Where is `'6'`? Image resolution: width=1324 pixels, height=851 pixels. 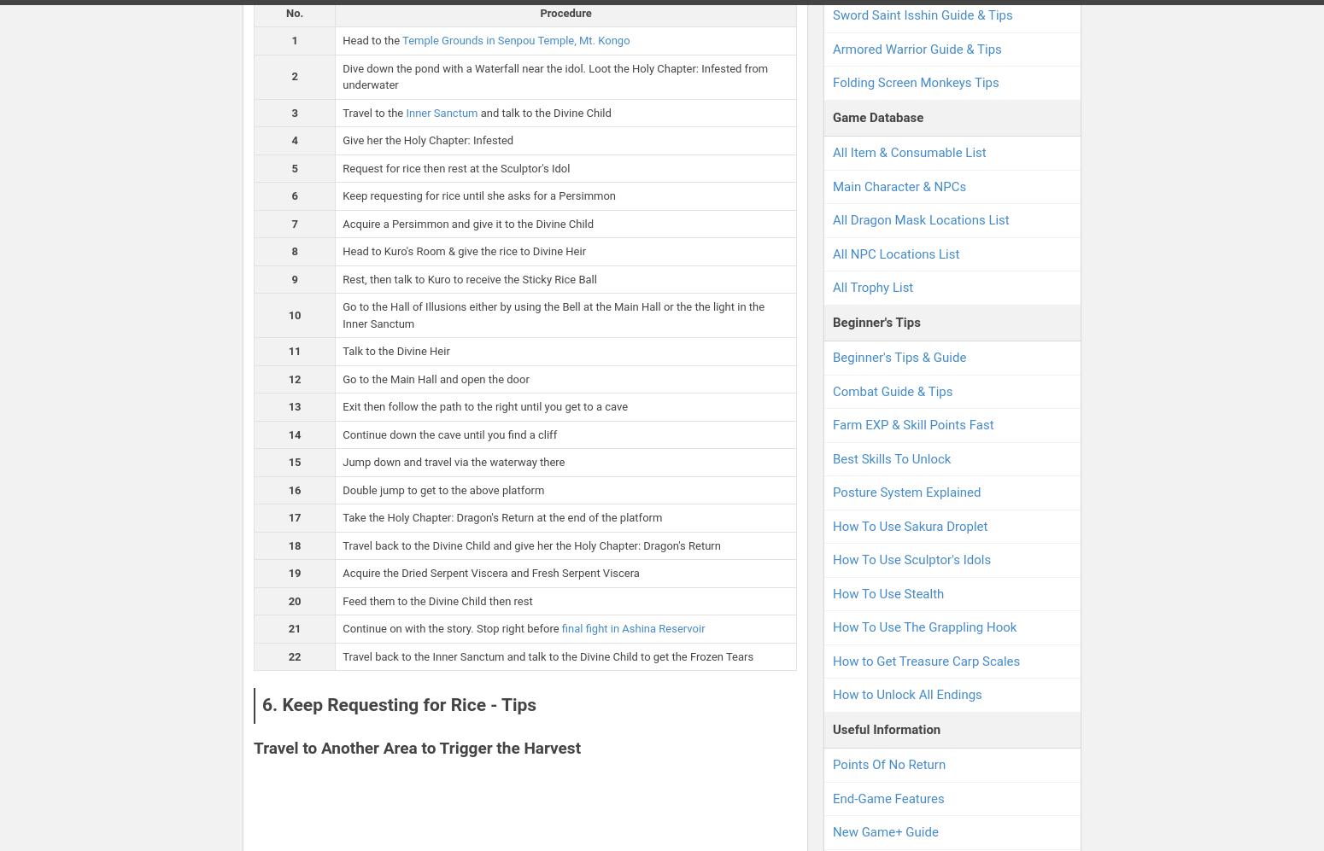 '6' is located at coordinates (293, 195).